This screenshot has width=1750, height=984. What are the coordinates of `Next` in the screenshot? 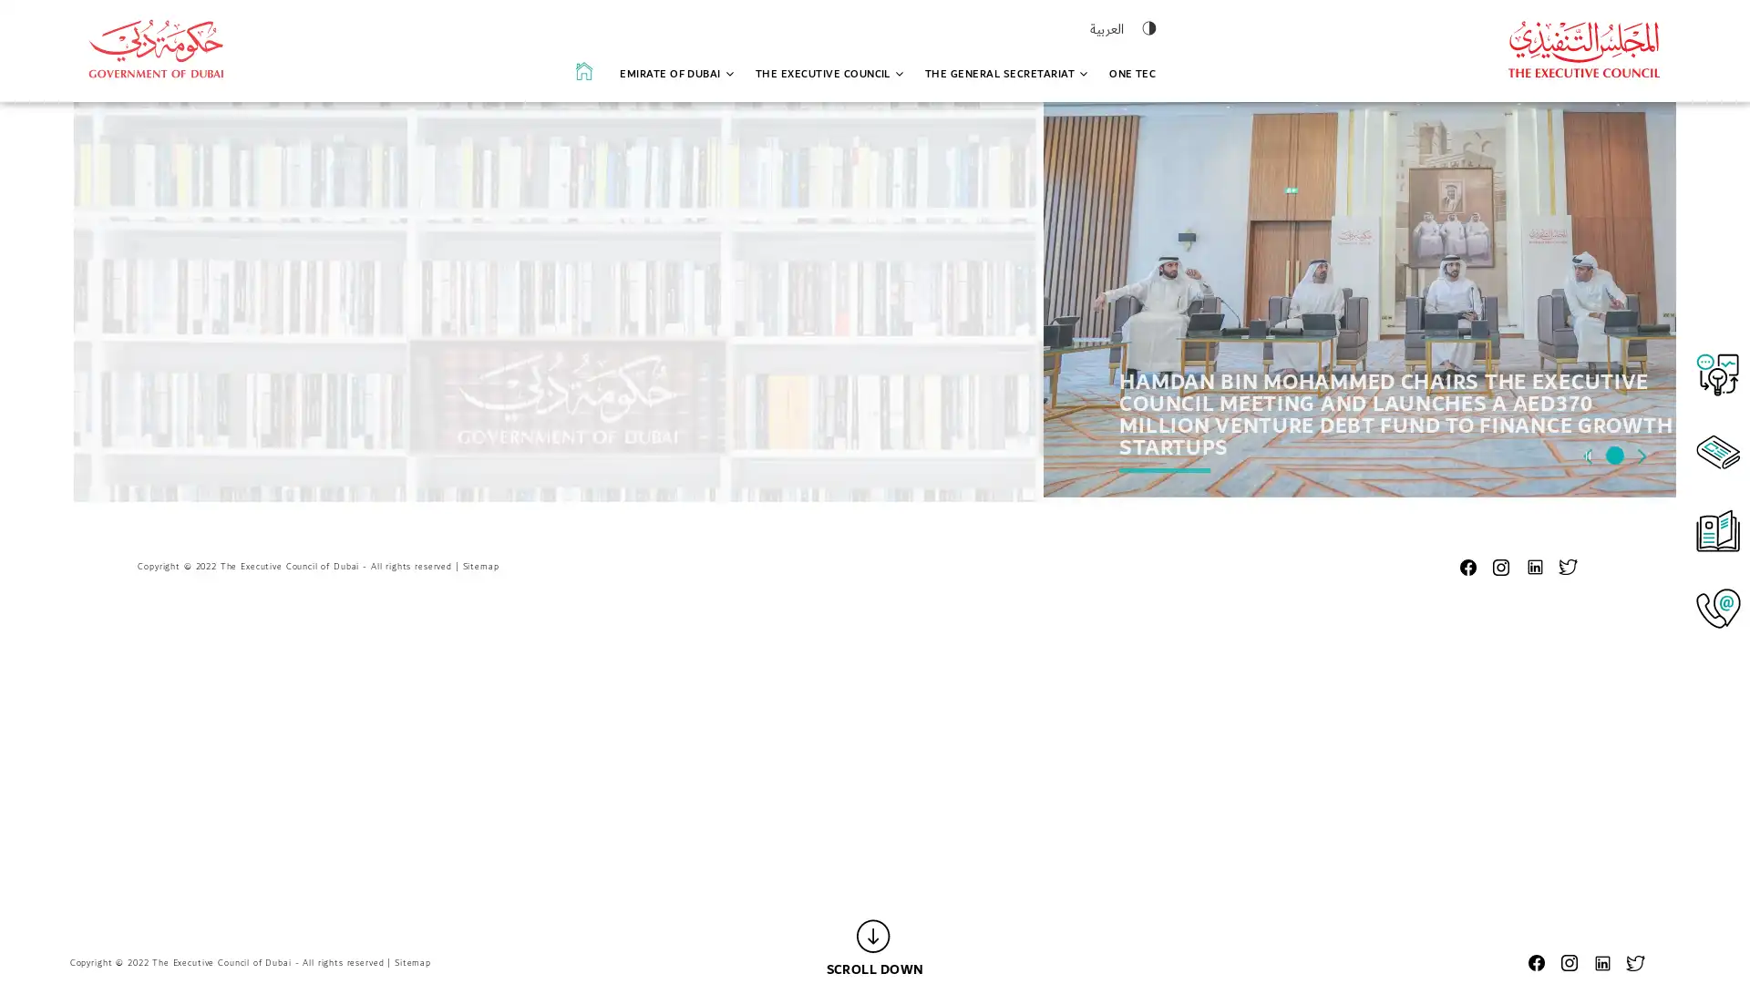 It's located at (1642, 891).